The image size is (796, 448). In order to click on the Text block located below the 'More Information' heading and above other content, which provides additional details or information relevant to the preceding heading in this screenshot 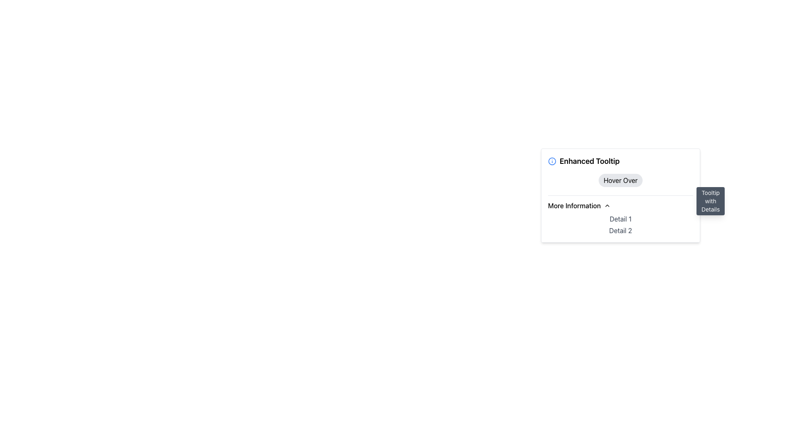, I will do `click(621, 225)`.